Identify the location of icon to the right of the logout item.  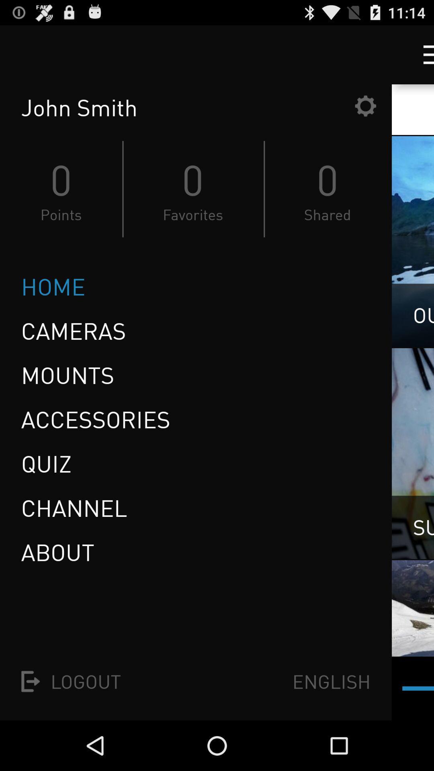
(332, 681).